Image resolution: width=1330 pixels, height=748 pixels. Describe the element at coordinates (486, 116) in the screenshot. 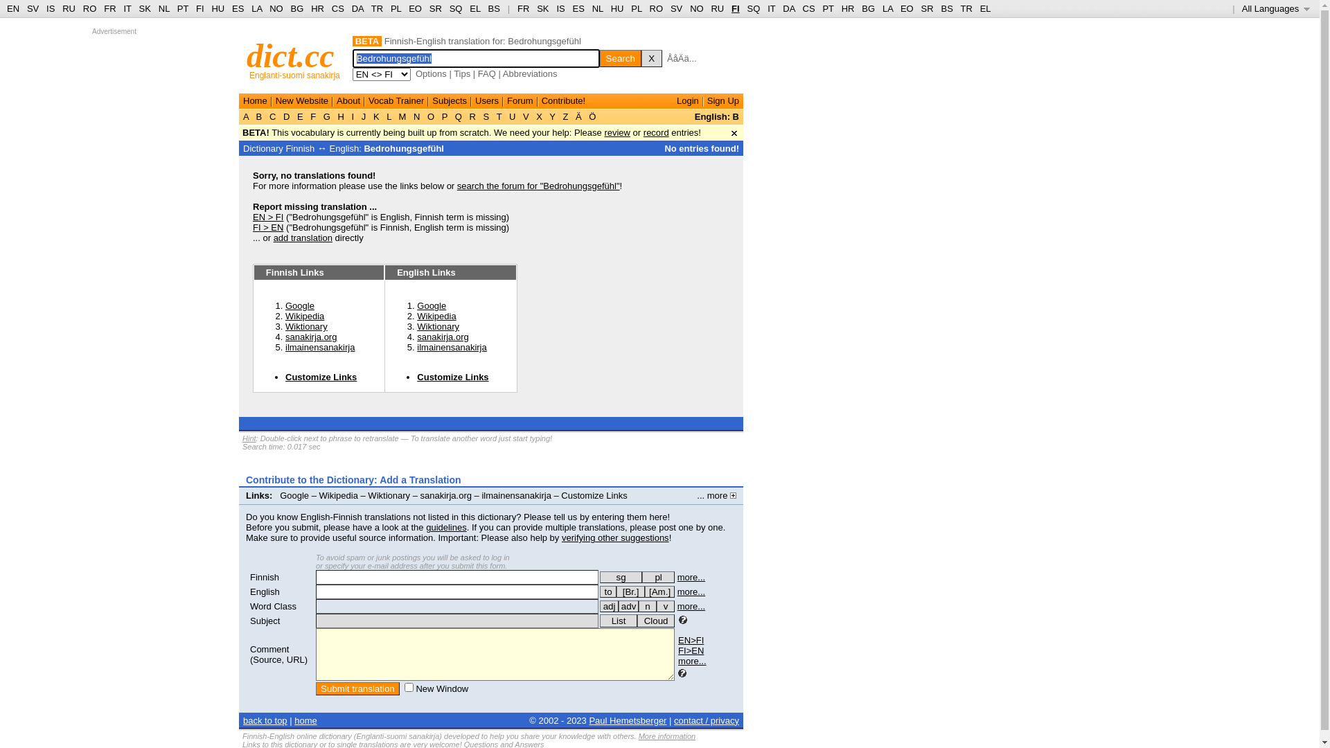

I see `'S'` at that location.